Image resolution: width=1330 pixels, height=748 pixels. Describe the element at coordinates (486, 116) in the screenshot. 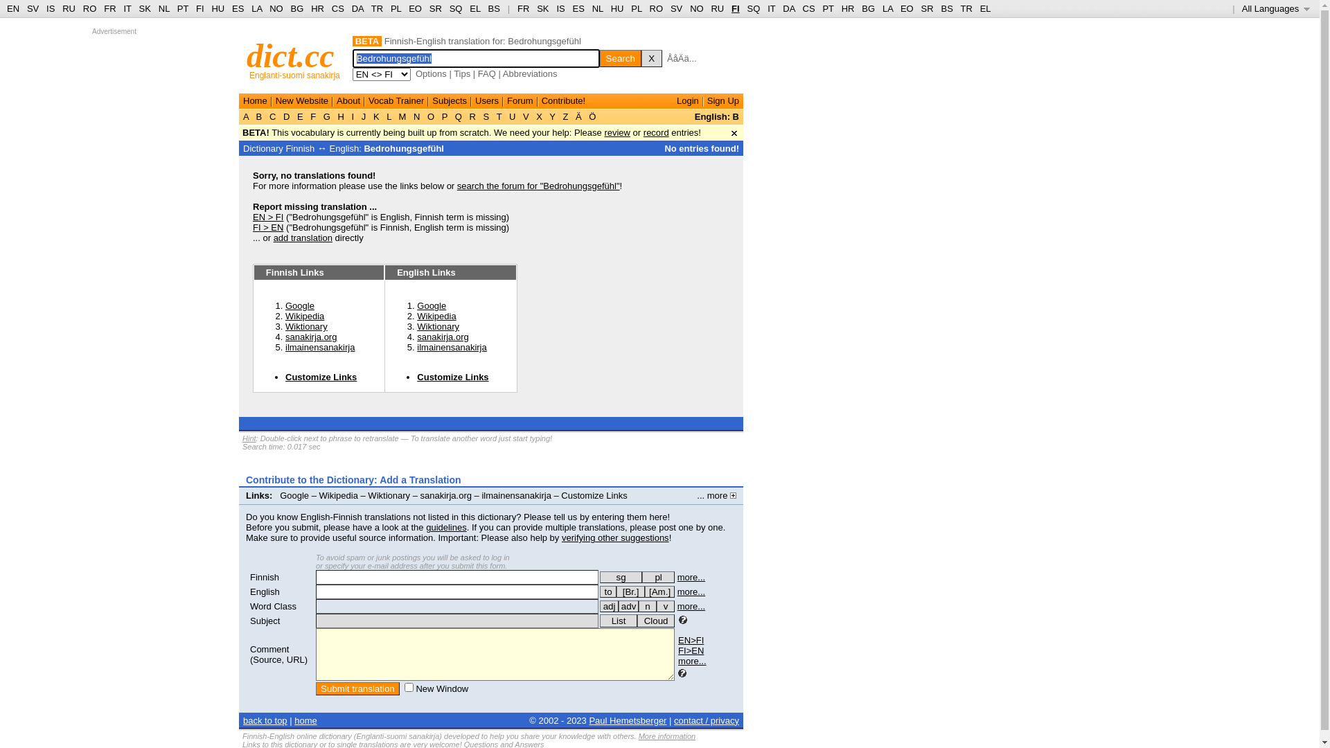

I see `'S'` at that location.